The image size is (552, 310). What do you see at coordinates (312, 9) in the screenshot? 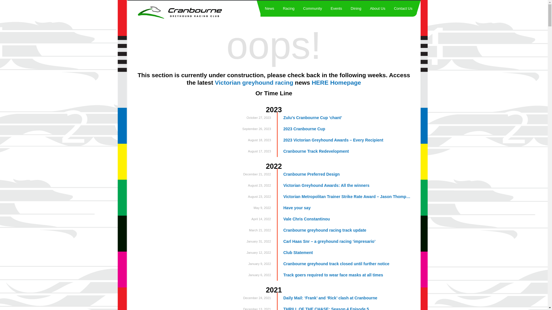
I see `'Community'` at bounding box center [312, 9].